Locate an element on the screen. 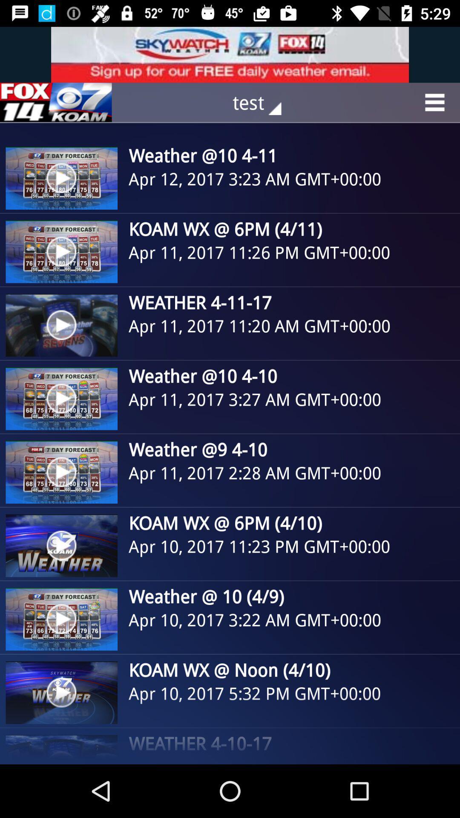 The height and width of the screenshot is (818, 460). sign up for email list is located at coordinates (230, 54).